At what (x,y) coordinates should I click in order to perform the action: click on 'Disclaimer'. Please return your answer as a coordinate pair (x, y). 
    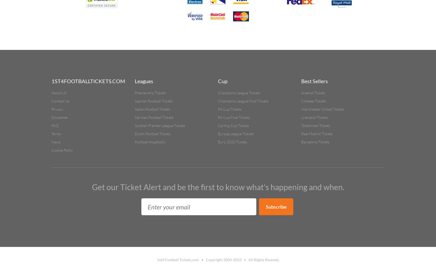
    Looking at the image, I should click on (52, 117).